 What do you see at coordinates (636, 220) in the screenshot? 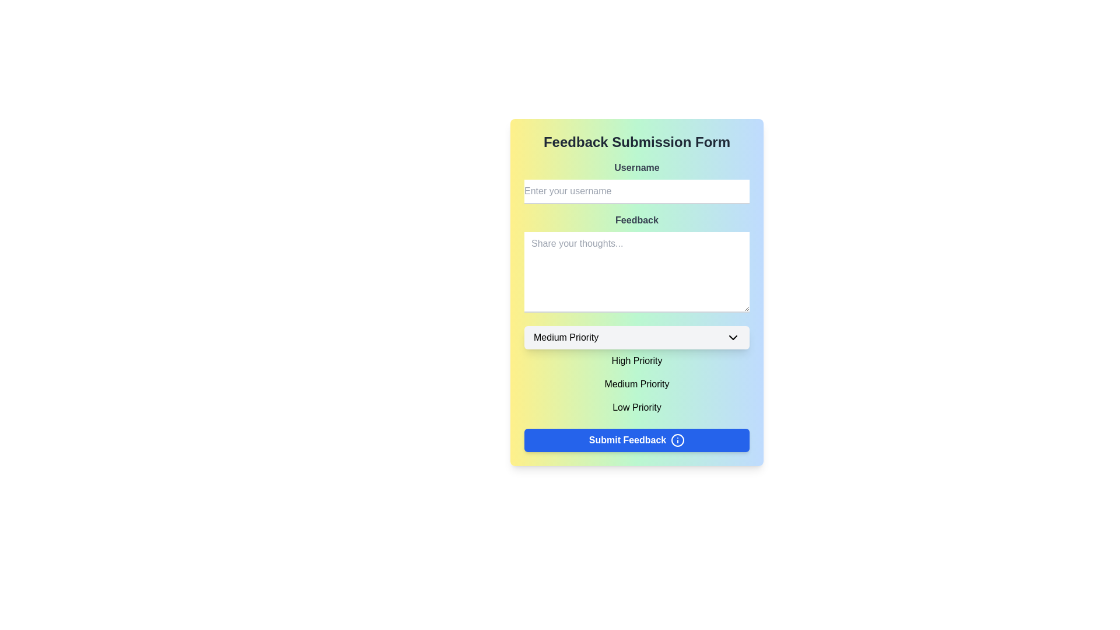
I see `the descriptive label located above the multiline text input field labeled 'Share your thoughts...', which is horizontally centered near the top middle of the interface` at bounding box center [636, 220].